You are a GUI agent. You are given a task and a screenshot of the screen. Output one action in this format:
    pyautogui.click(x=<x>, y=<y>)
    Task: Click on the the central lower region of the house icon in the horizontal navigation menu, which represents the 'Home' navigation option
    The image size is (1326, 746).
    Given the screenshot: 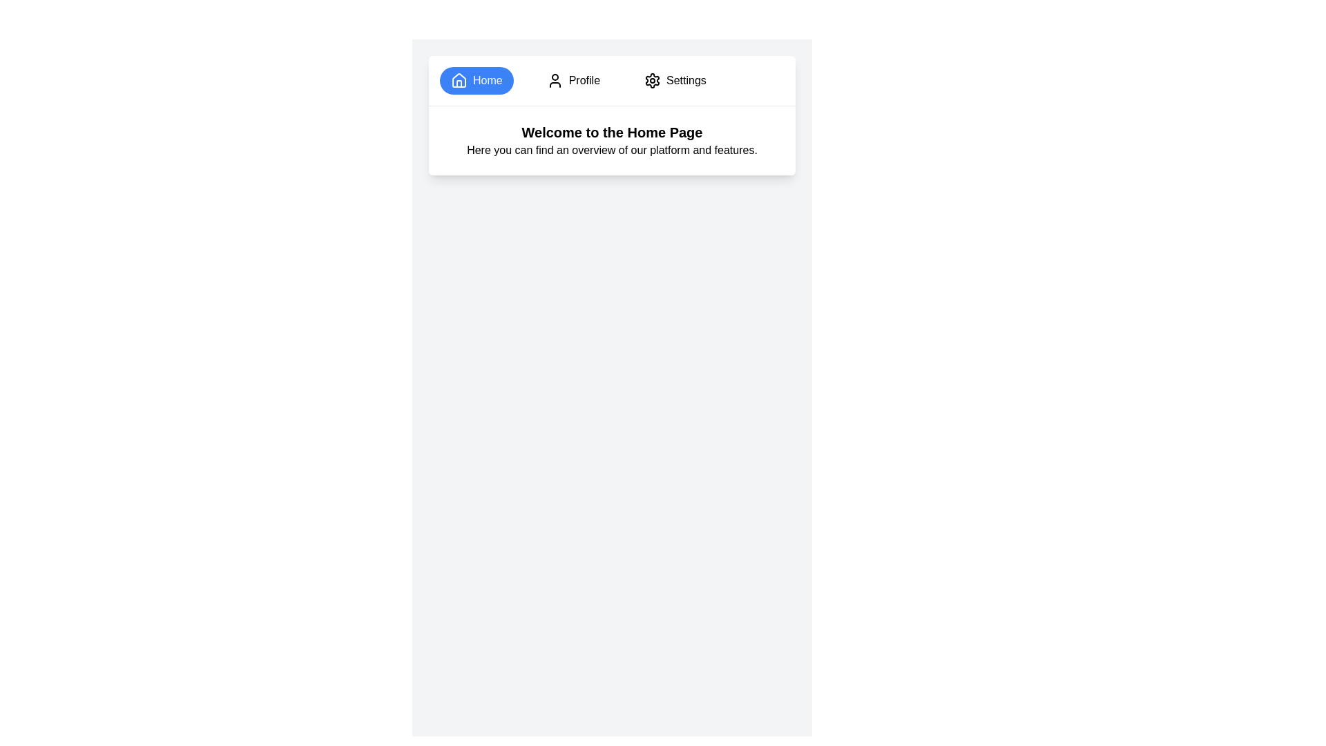 What is the action you would take?
    pyautogui.click(x=459, y=84)
    